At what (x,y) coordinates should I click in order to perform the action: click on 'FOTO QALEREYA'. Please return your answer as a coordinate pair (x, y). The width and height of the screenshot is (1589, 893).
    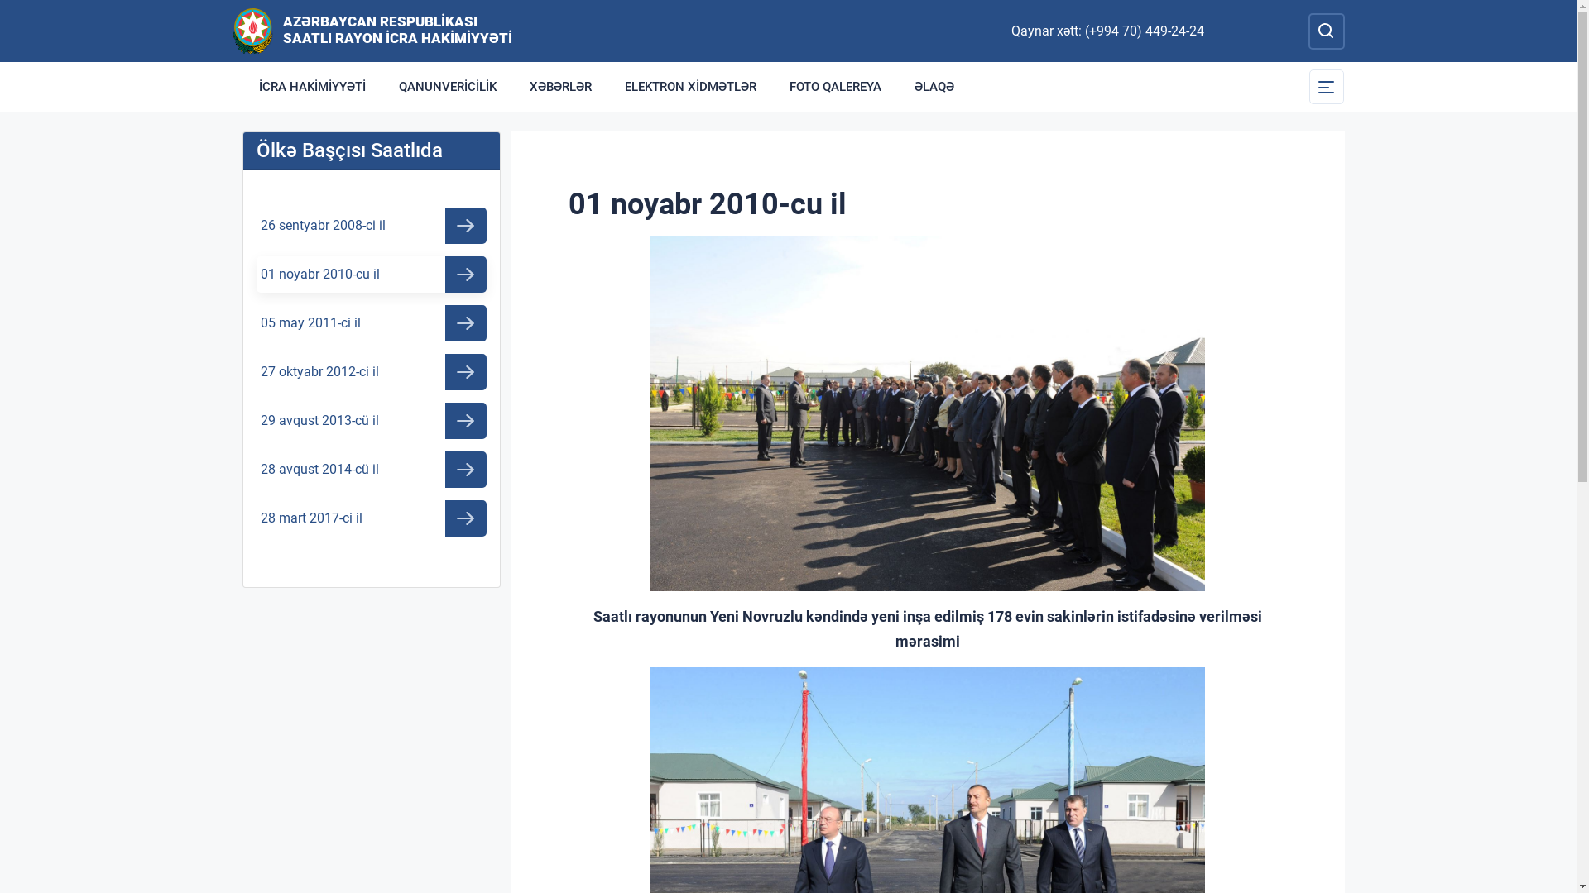
    Looking at the image, I should click on (772, 86).